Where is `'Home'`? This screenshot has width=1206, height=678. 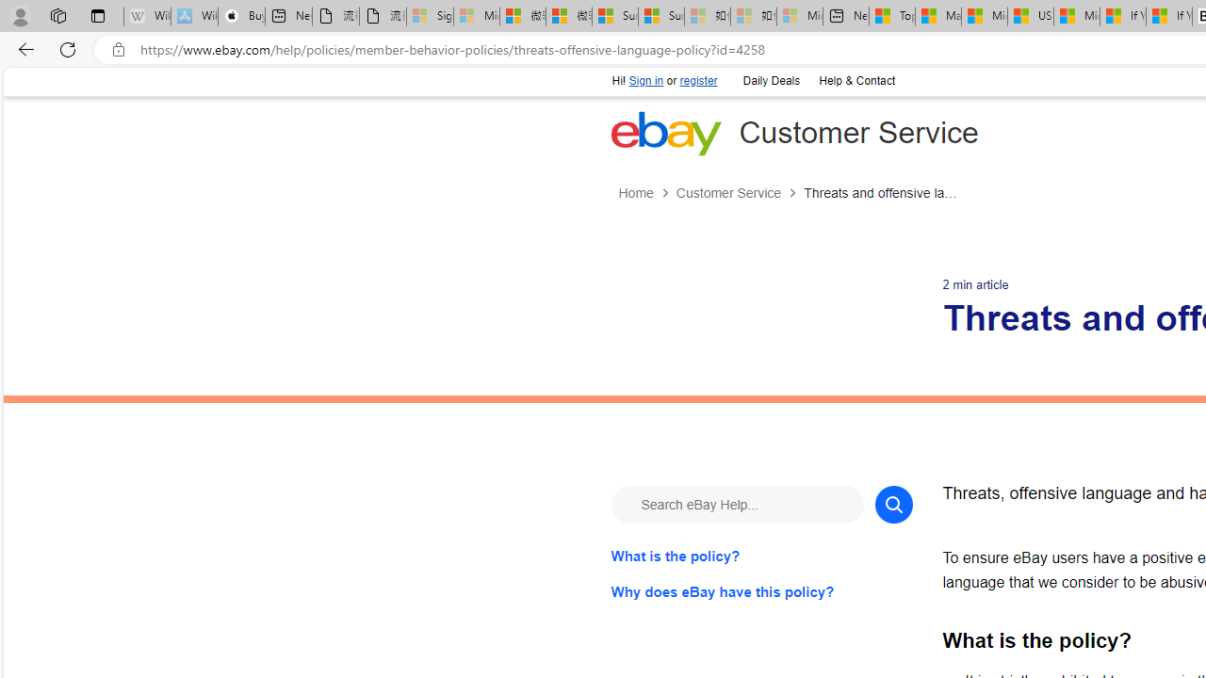 'Home' is located at coordinates (646, 193).